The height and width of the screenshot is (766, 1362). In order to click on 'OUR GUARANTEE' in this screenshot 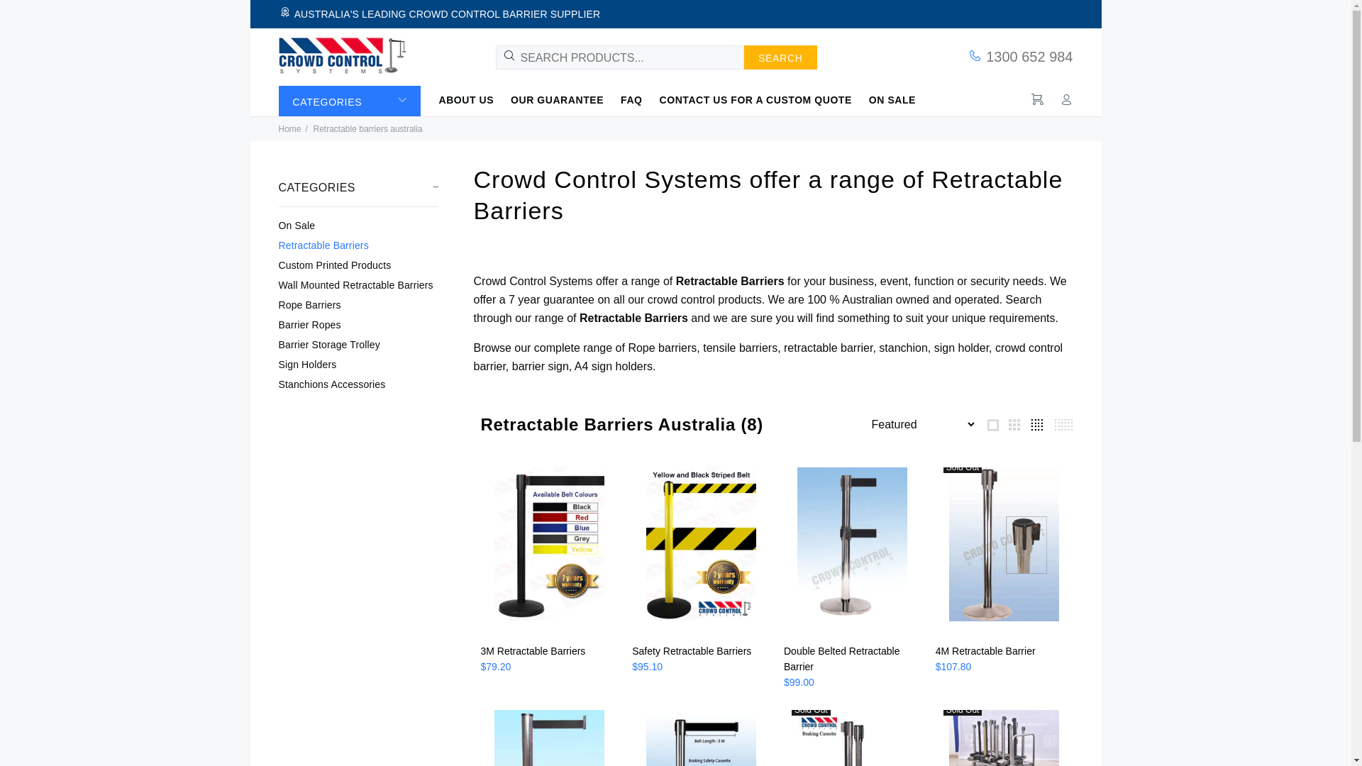, I will do `click(556, 99)`.